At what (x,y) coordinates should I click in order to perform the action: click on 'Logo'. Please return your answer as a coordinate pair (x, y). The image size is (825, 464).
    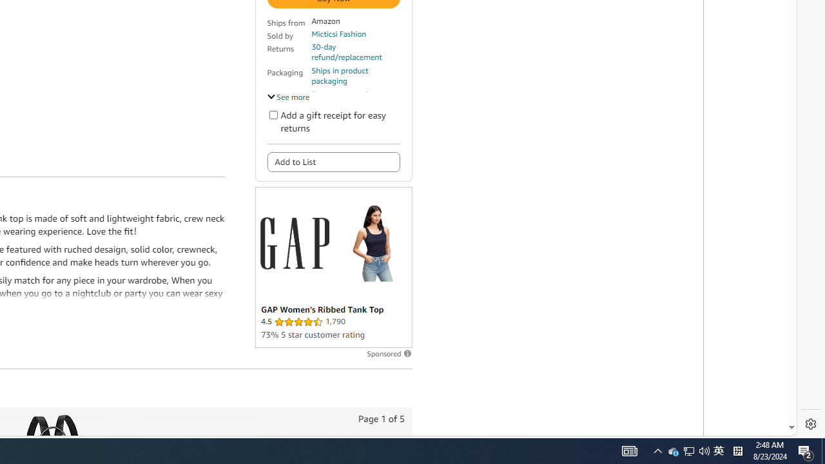
    Looking at the image, I should click on (293, 243).